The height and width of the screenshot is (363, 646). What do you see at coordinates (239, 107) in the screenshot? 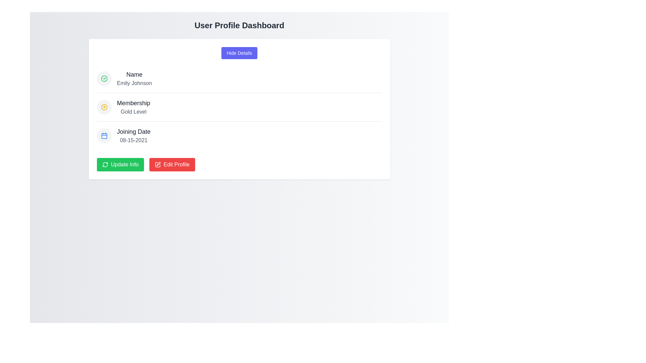
I see `the Information Display element that shows the user's membership tier information, located as the second item in a vertically stacked list between 'Name' and 'Joining Date'` at bounding box center [239, 107].